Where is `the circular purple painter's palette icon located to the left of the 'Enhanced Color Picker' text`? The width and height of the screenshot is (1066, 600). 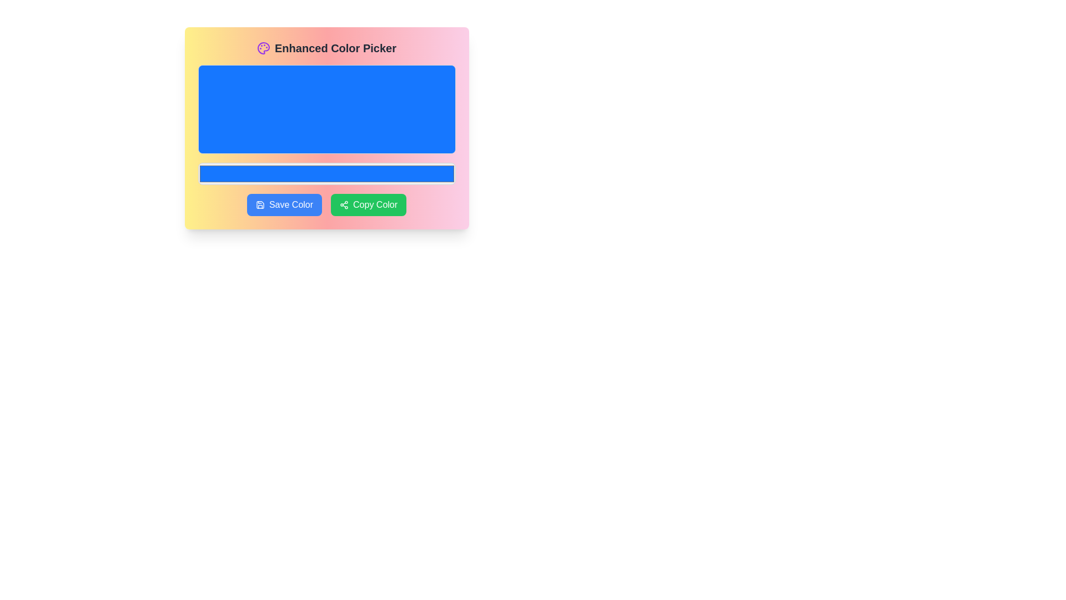 the circular purple painter's palette icon located to the left of the 'Enhanced Color Picker' text is located at coordinates (263, 48).